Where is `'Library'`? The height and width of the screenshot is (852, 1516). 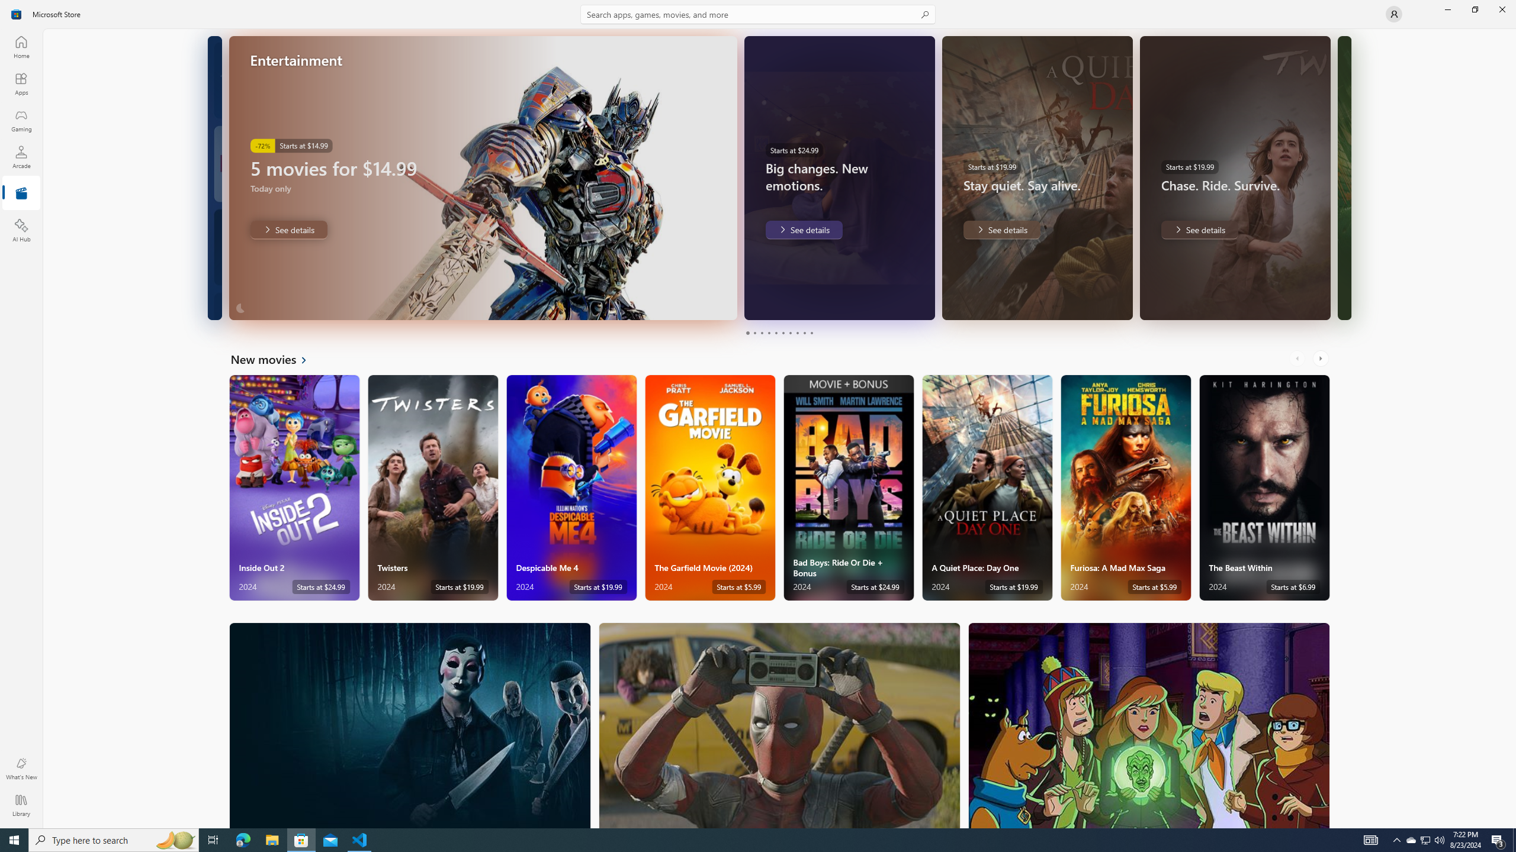
'Library' is located at coordinates (20, 805).